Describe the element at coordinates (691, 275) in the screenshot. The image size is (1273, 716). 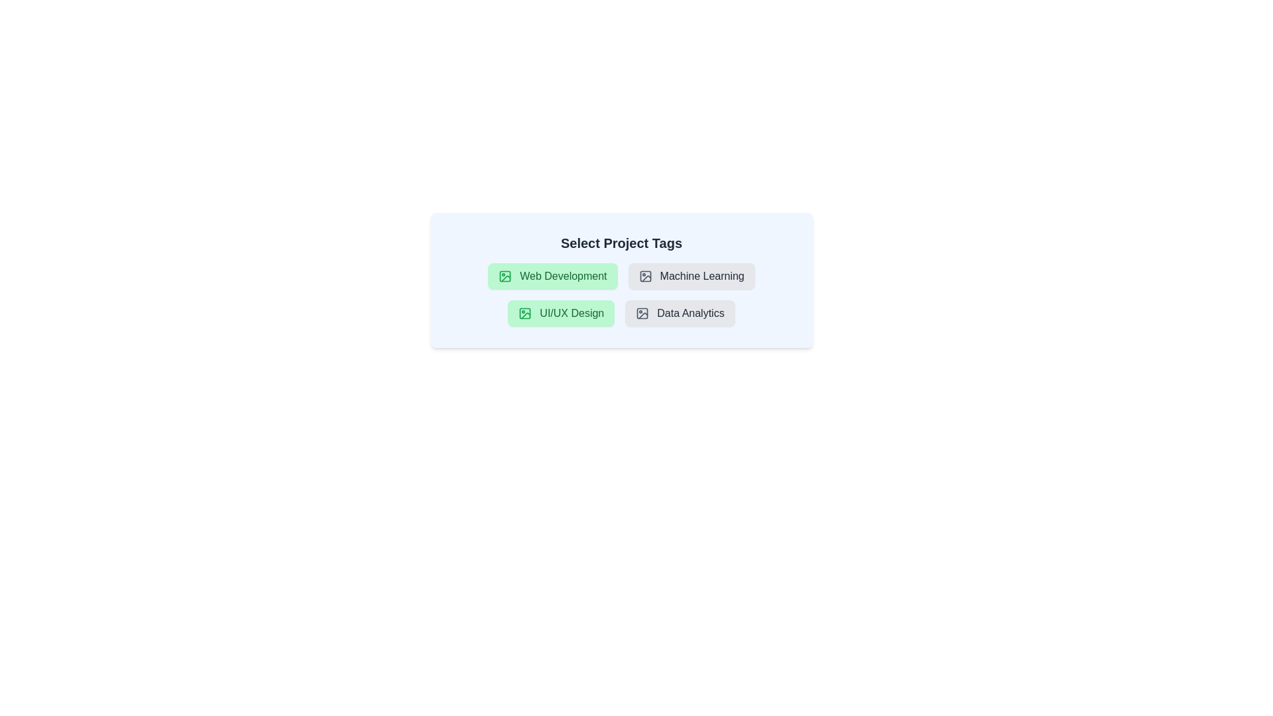
I see `the tag labeled 'Machine Learning' by clicking on it` at that location.